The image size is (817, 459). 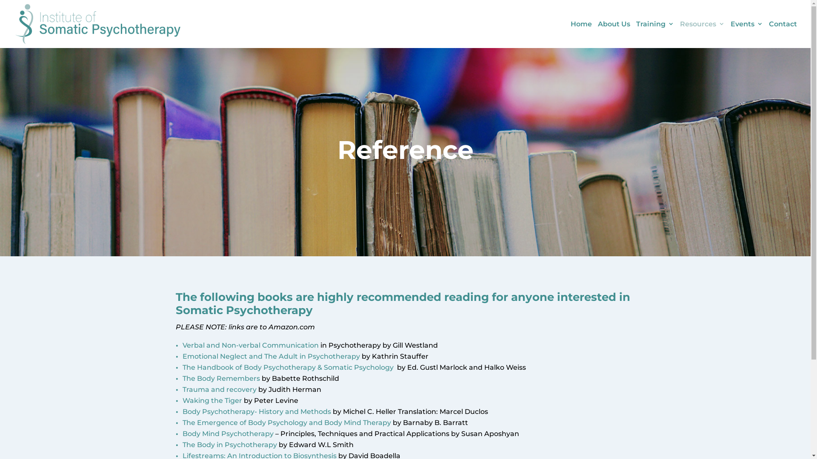 I want to click on 'Body Mind Psychotherapy ', so click(x=229, y=433).